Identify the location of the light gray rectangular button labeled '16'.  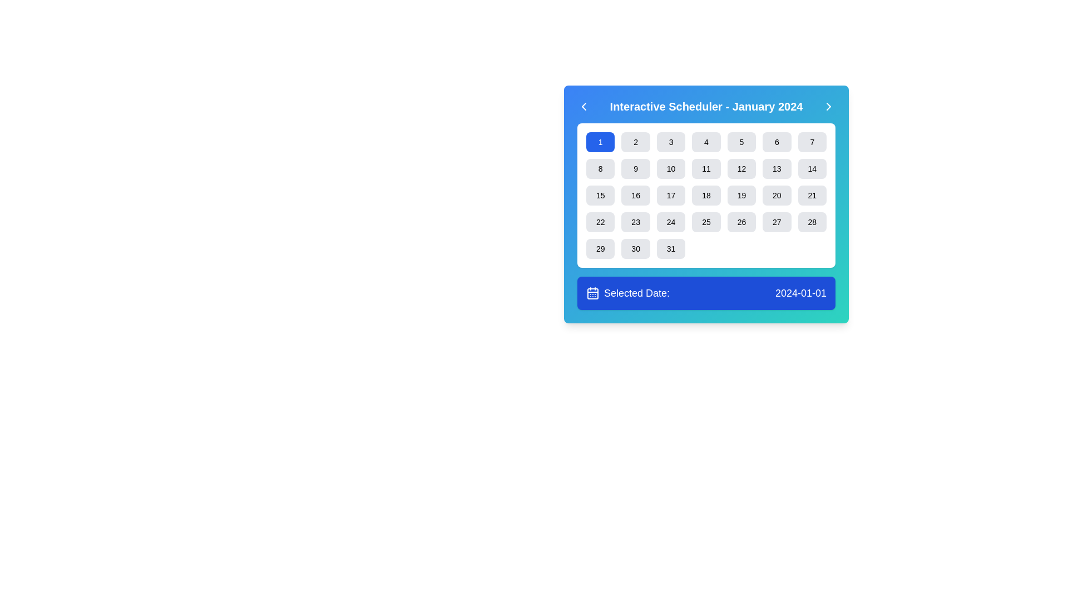
(636, 194).